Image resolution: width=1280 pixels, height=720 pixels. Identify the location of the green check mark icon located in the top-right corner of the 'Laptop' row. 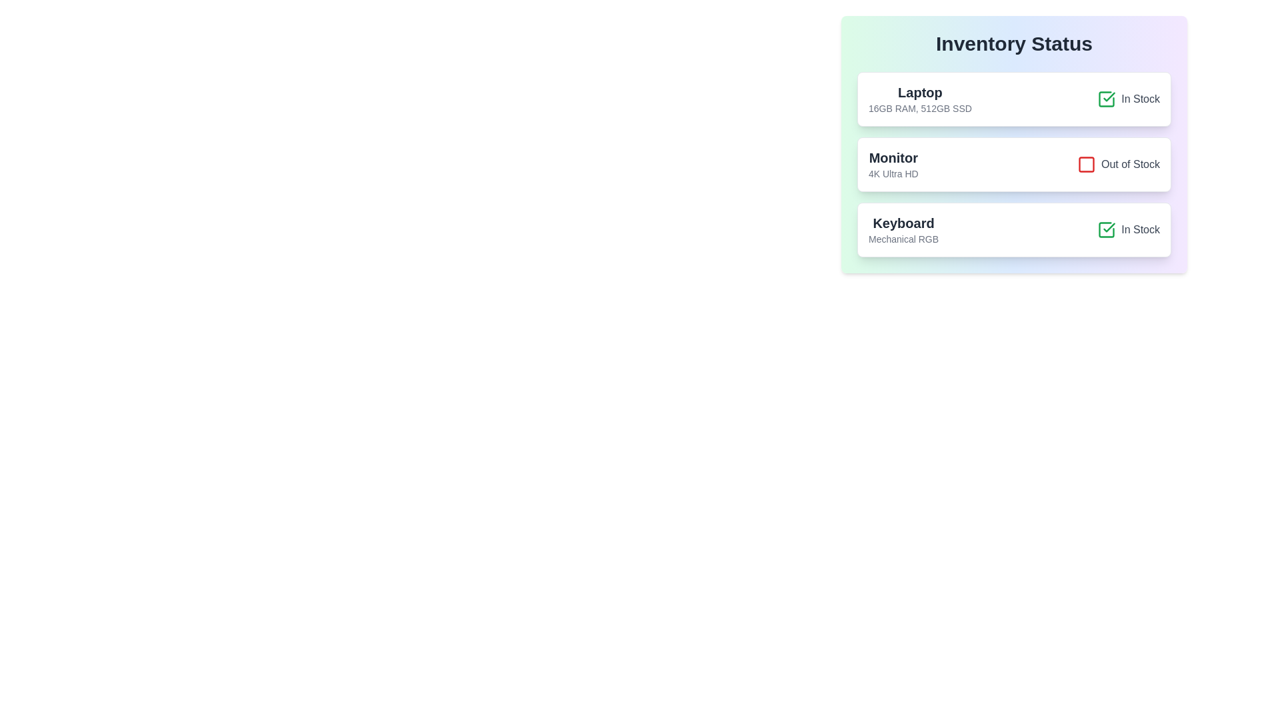
(1107, 99).